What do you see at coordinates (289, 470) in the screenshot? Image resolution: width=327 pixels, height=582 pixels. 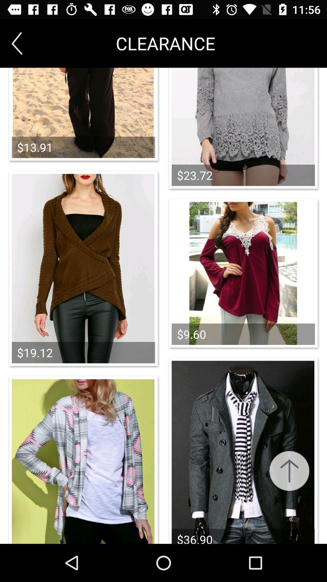 I see `scroll back up` at bounding box center [289, 470].